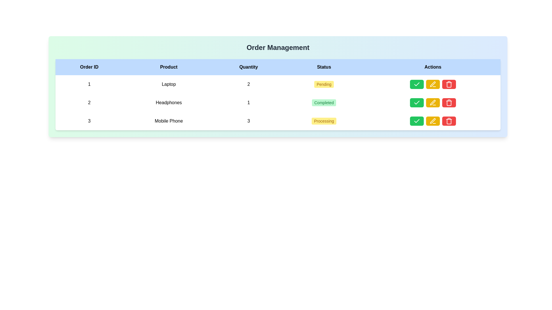  I want to click on on the second row of the table, which contains details about an order, so click(278, 102).